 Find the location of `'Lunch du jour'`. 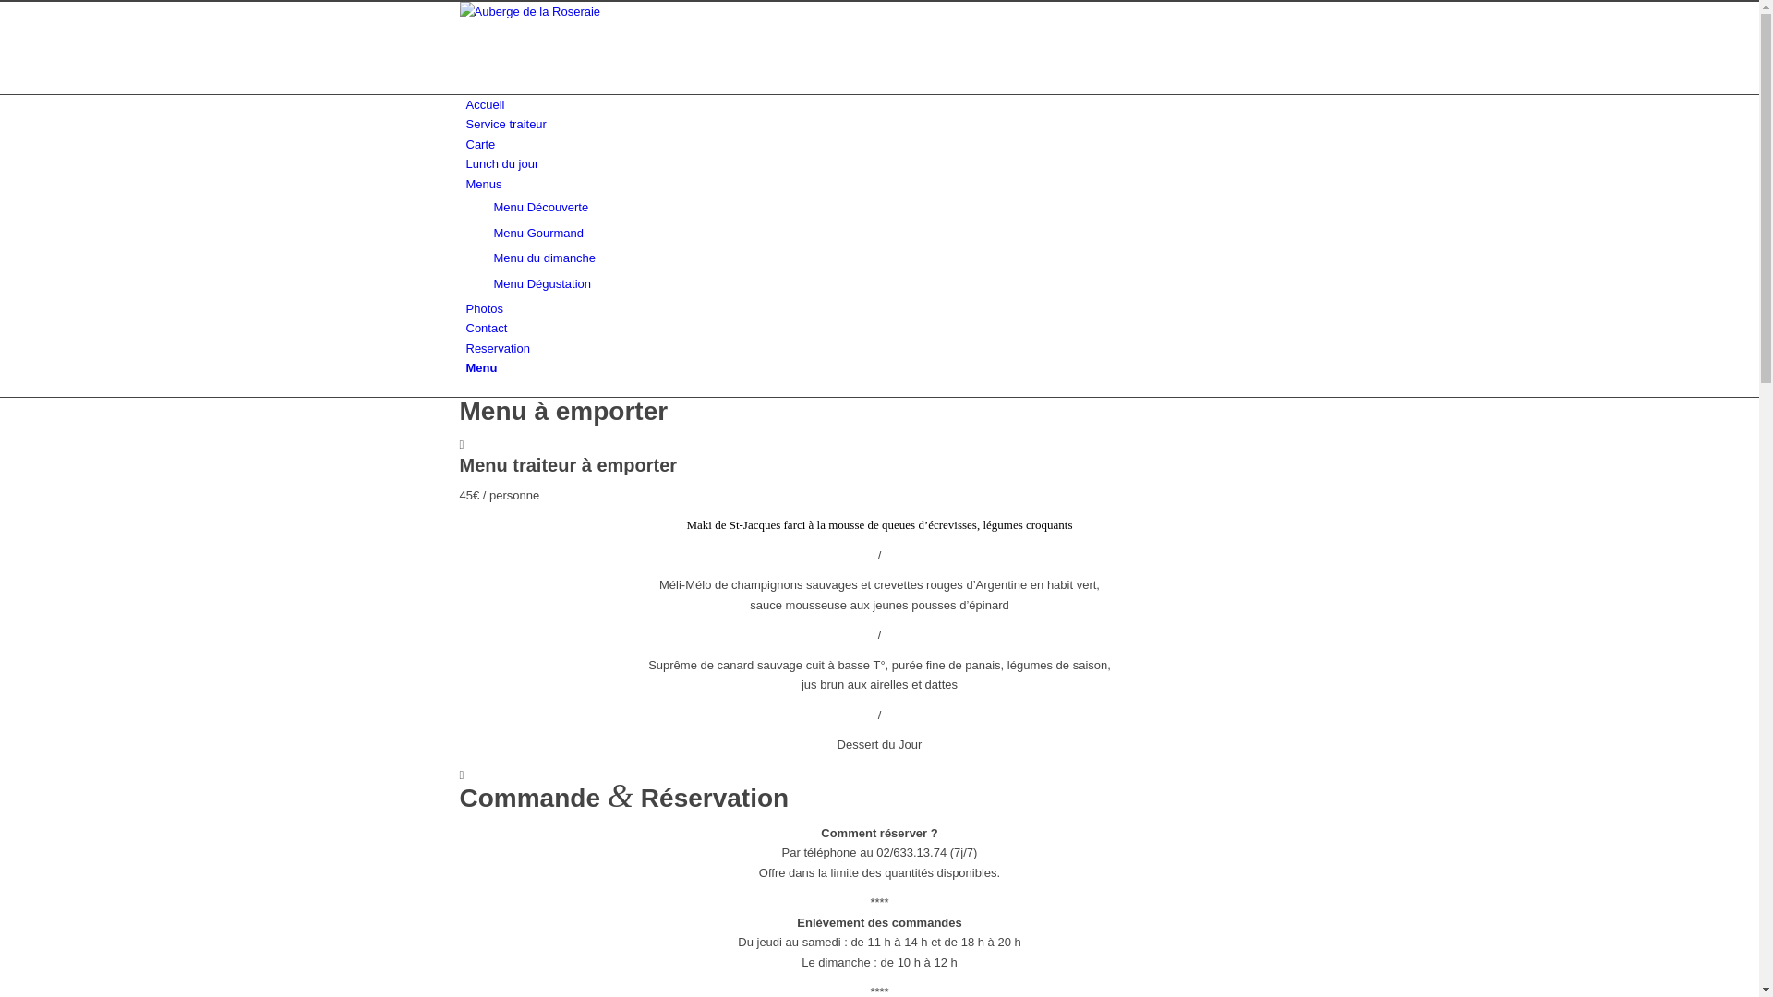

'Lunch du jour' is located at coordinates (465, 162).